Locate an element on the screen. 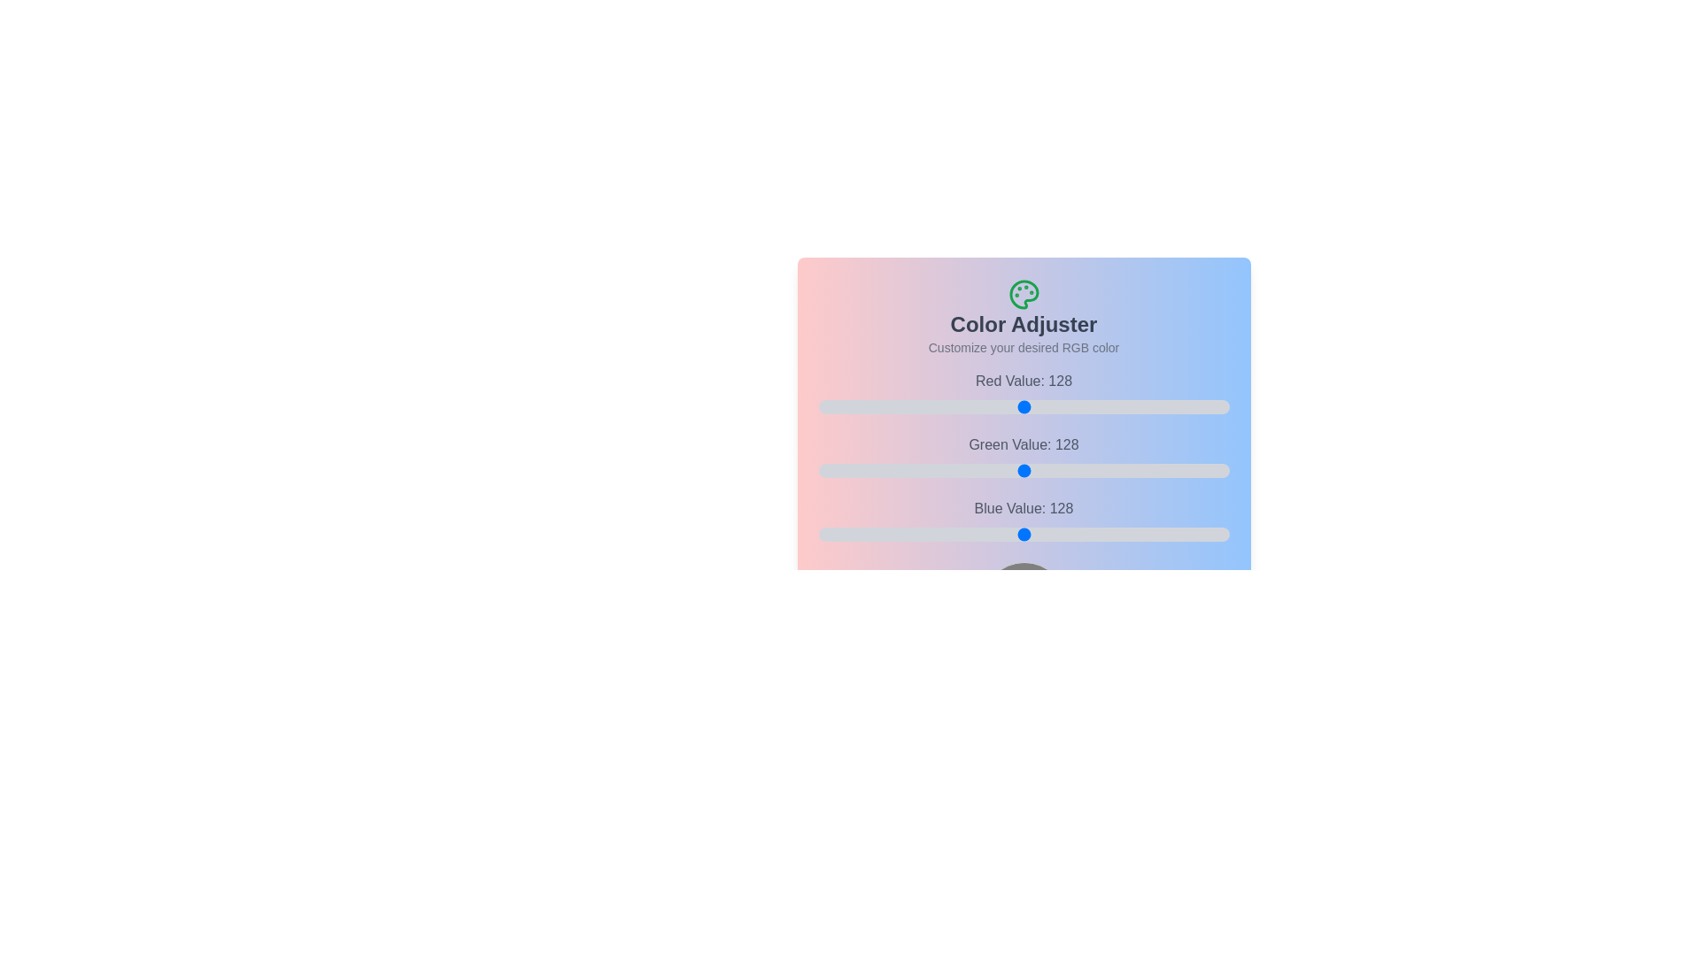 Image resolution: width=1700 pixels, height=956 pixels. the 1 slider to 254 is located at coordinates (1227, 470).